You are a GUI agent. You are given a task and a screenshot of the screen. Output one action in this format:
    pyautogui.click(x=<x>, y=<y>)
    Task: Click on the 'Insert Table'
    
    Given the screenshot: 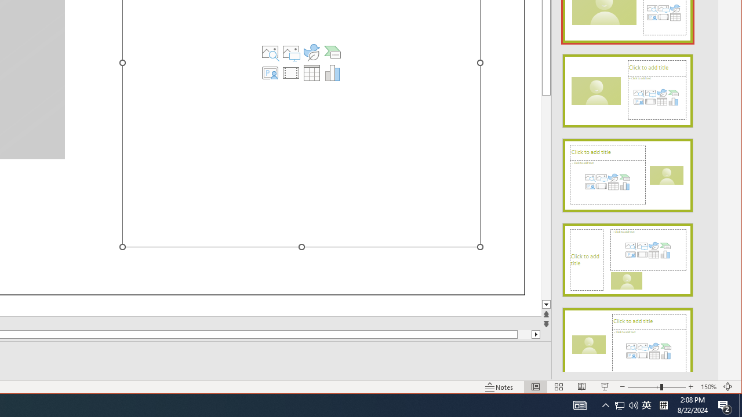 What is the action you would take?
    pyautogui.click(x=312, y=72)
    